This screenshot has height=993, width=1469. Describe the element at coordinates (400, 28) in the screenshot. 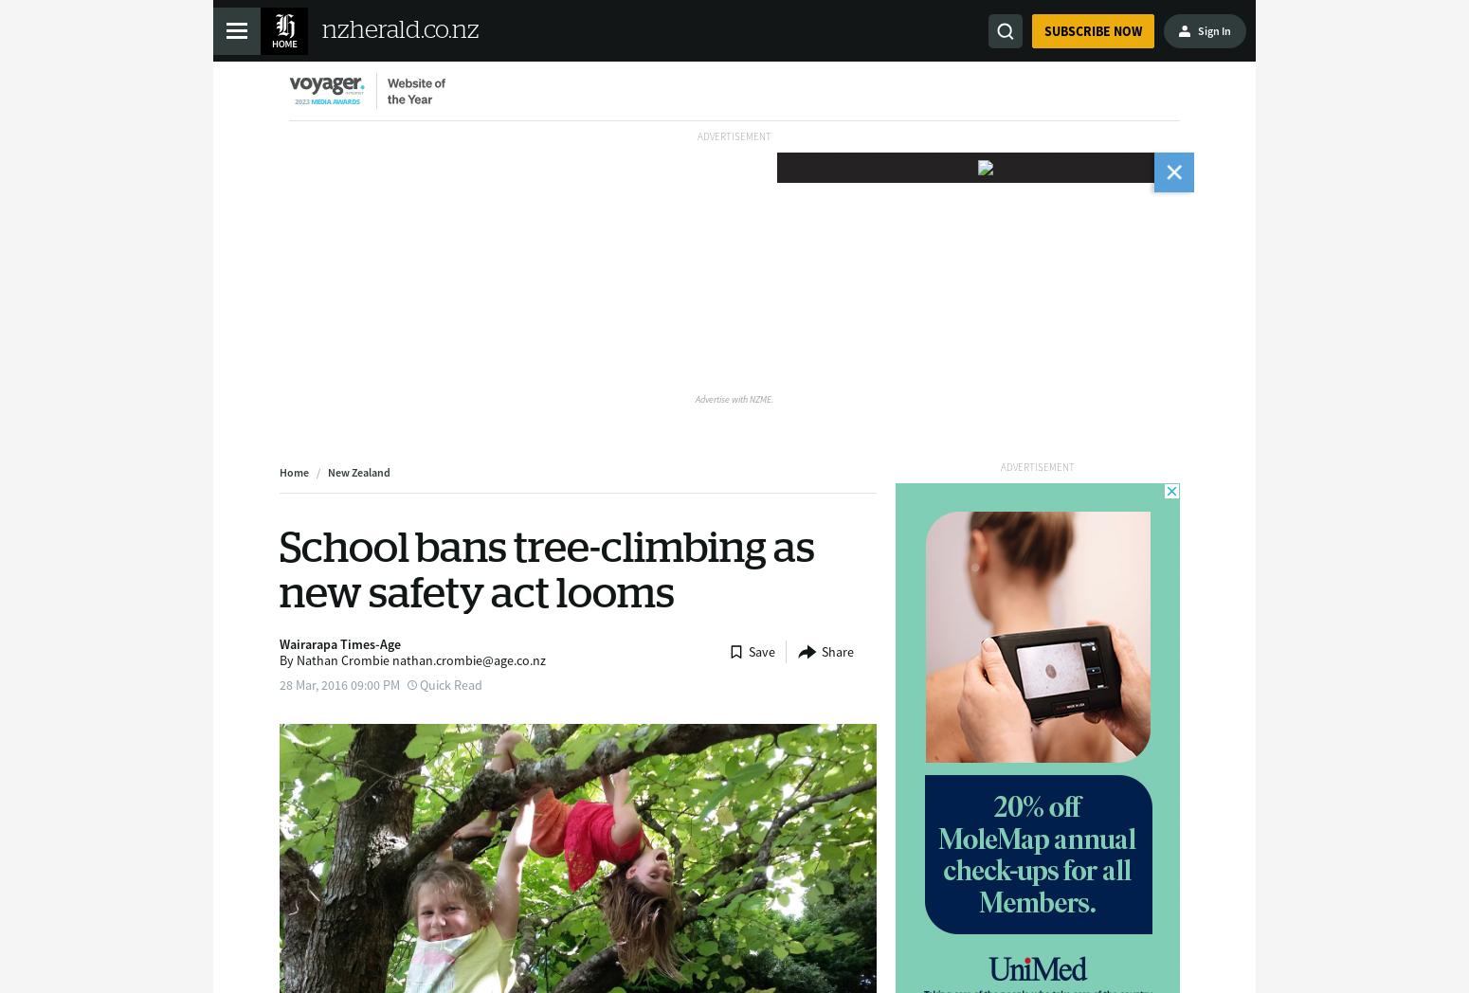

I see `'nzherald.co.nz'` at that location.